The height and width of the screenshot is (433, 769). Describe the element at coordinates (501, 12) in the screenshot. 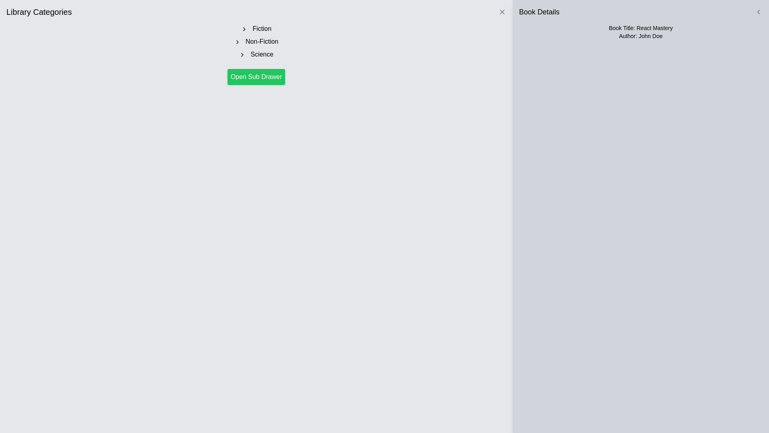

I see `the close icon, which is a small cross icon styled with thin lines forming an 'X' shape, located at the top-right corner of the application interface` at that location.